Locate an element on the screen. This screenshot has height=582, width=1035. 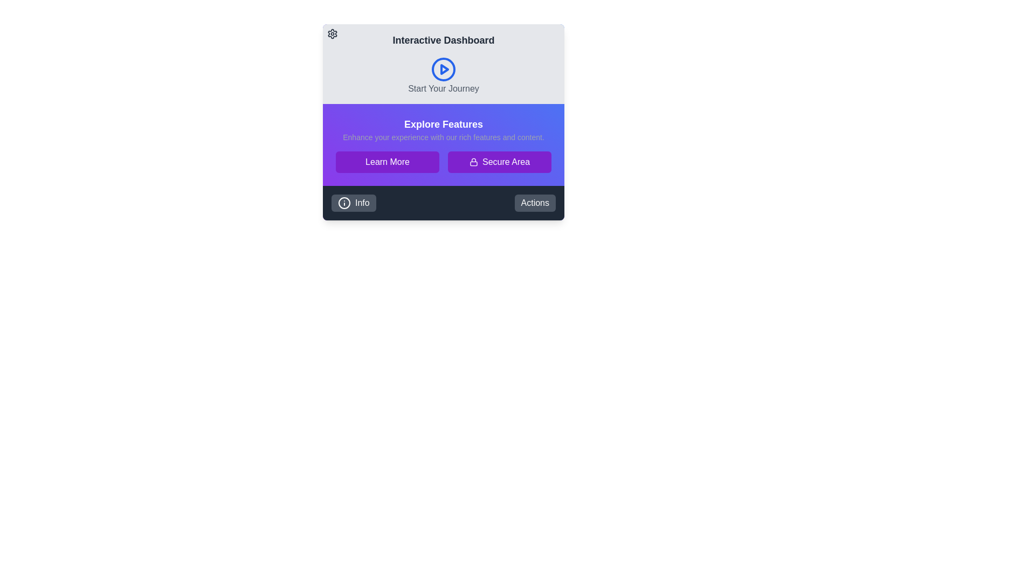
text displayed in the gray text label that says 'Start Your Journey', located below the blue play icon in the centered gray panel is located at coordinates (443, 88).